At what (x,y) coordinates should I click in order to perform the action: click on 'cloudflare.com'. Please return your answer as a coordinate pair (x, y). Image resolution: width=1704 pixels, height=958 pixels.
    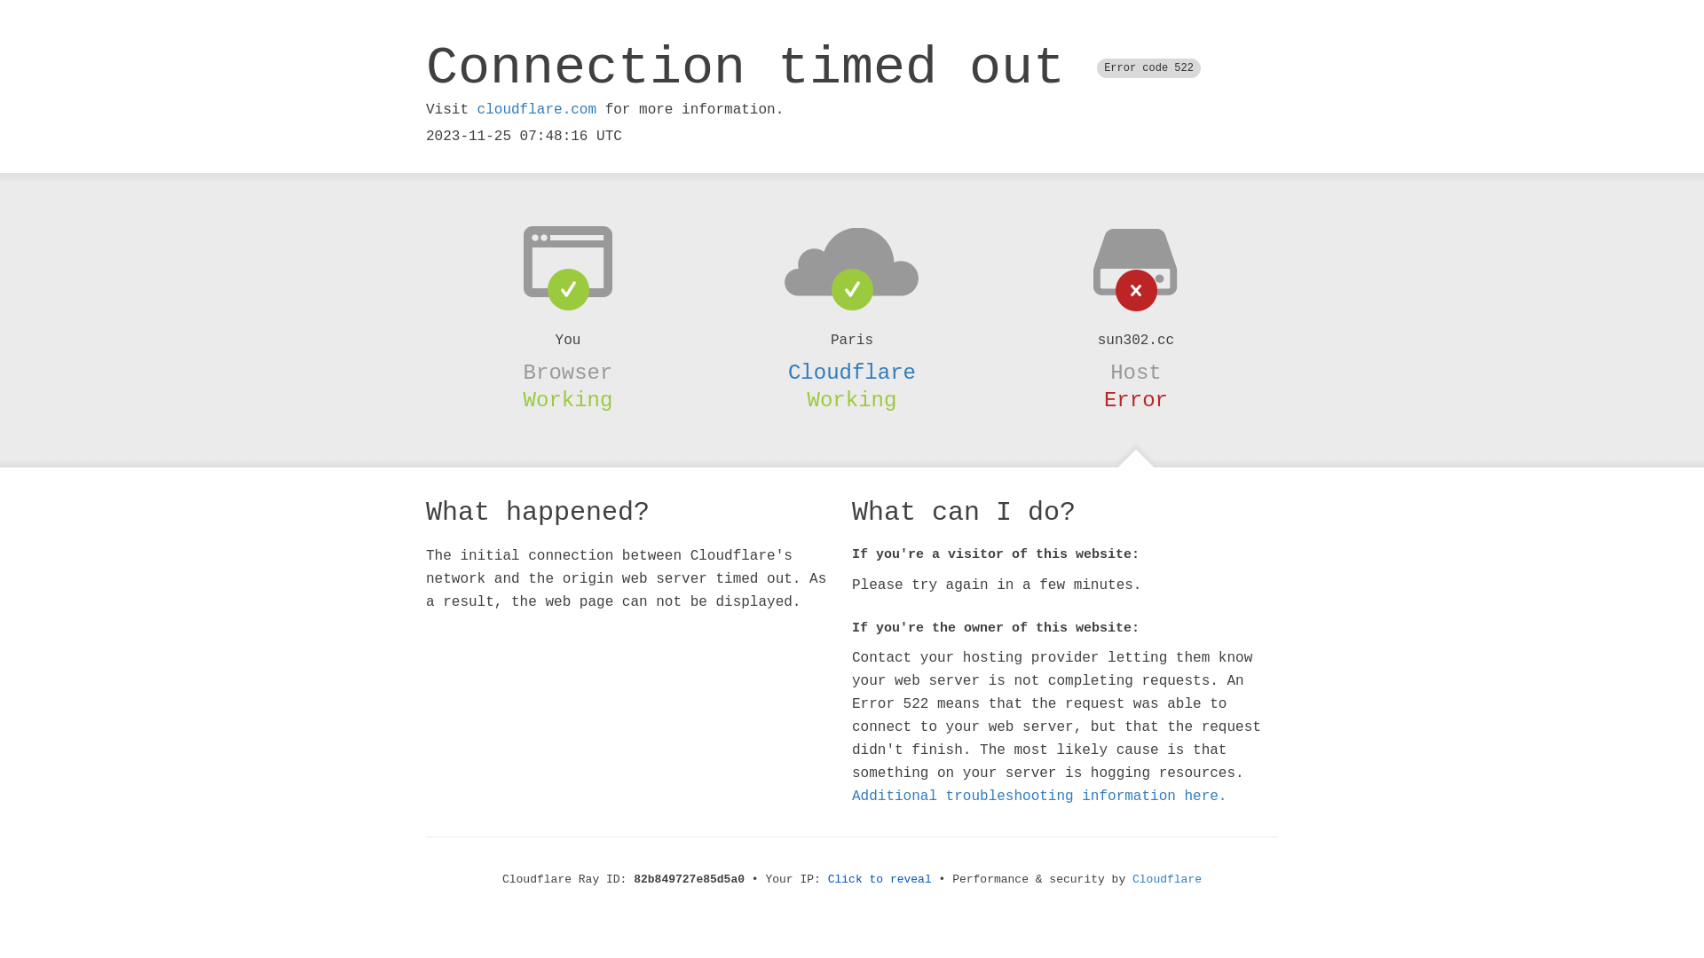
    Looking at the image, I should click on (535, 109).